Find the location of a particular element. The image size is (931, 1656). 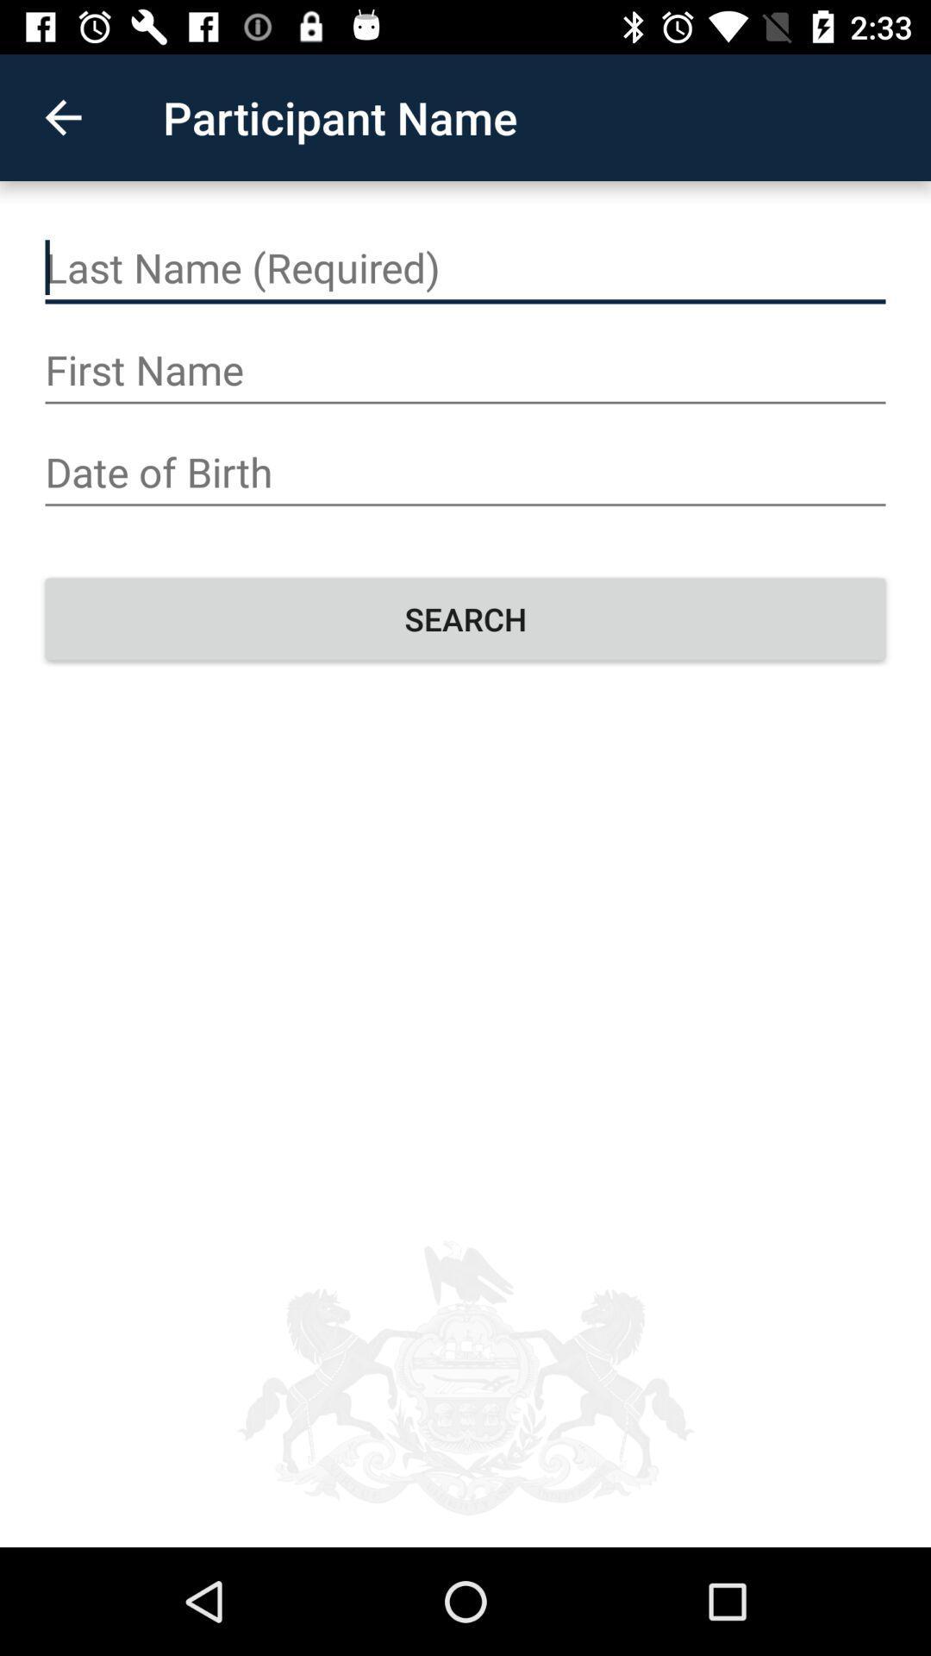

insert date of birth is located at coordinates (465, 473).